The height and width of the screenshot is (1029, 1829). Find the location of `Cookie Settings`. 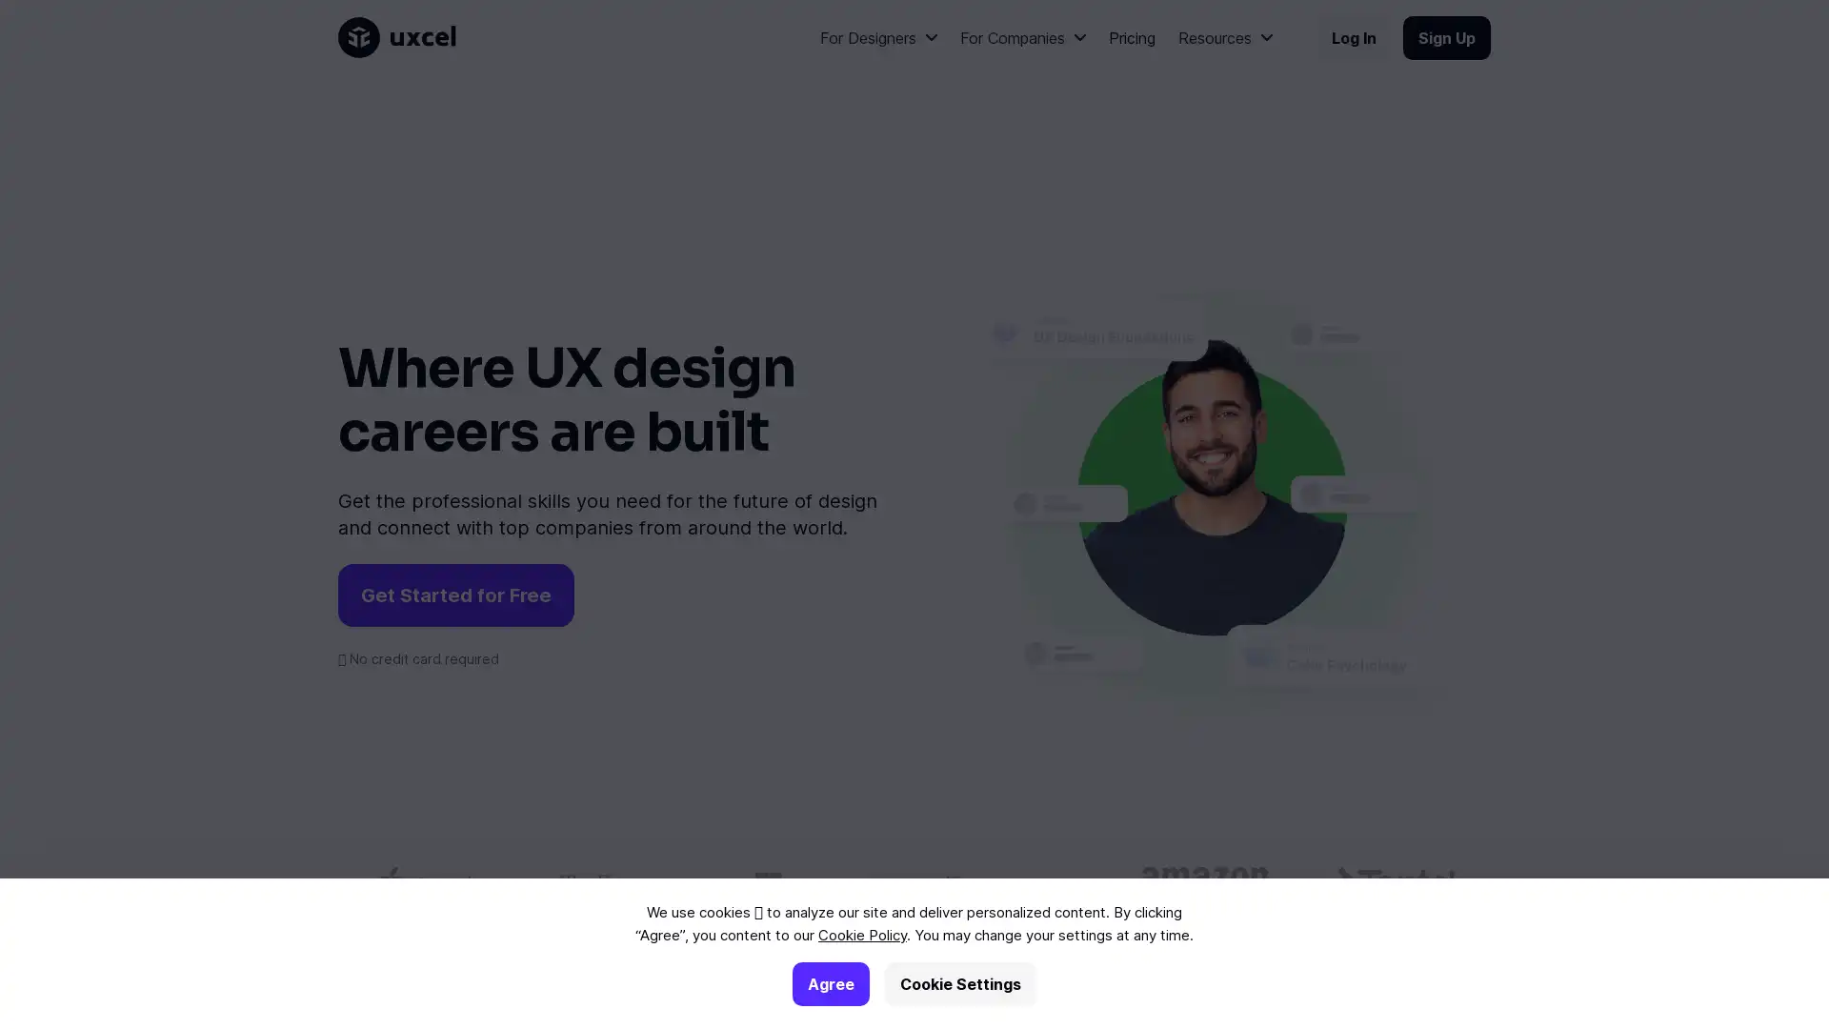

Cookie Settings is located at coordinates (960, 984).